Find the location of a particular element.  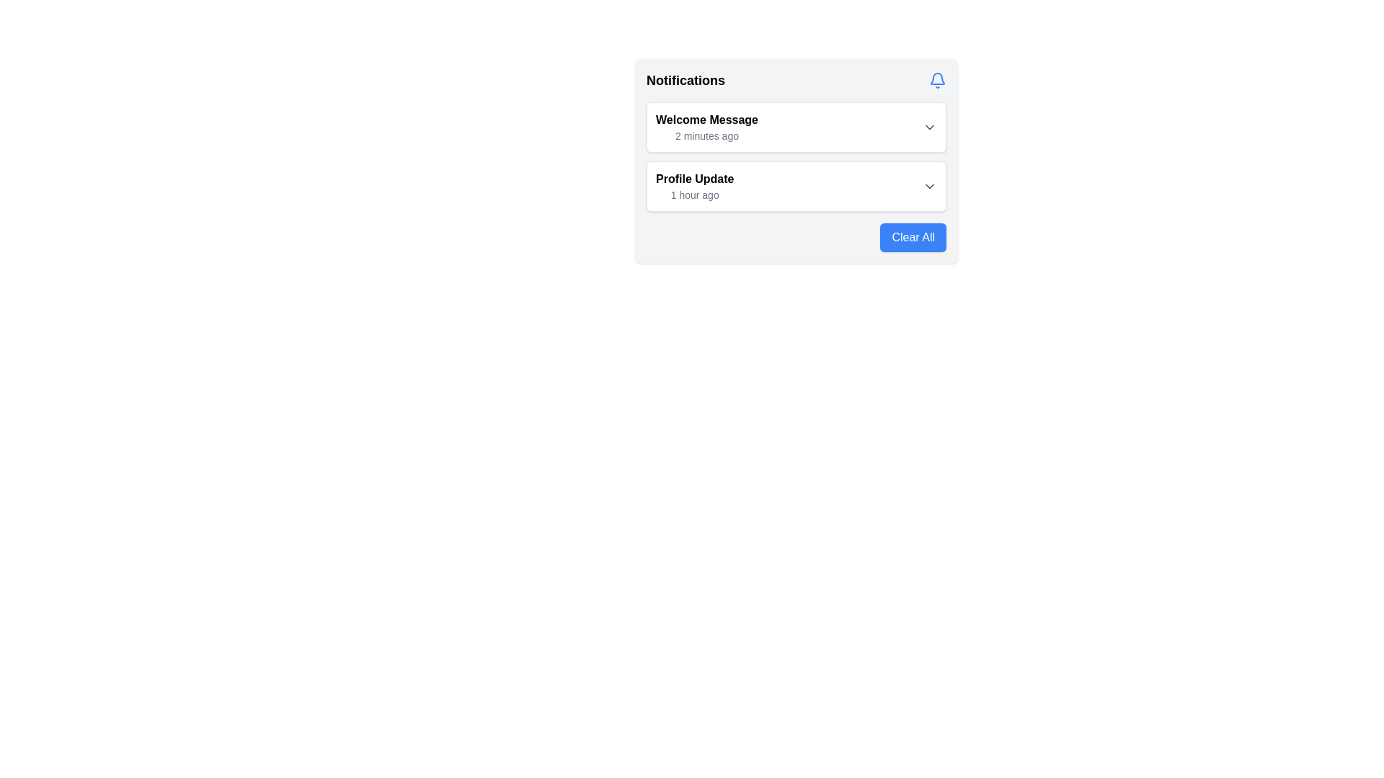

text content of the notification titled 'Welcome Message' with the timestamp '2 minutes ago', which is the first notification in the list is located at coordinates (706, 127).